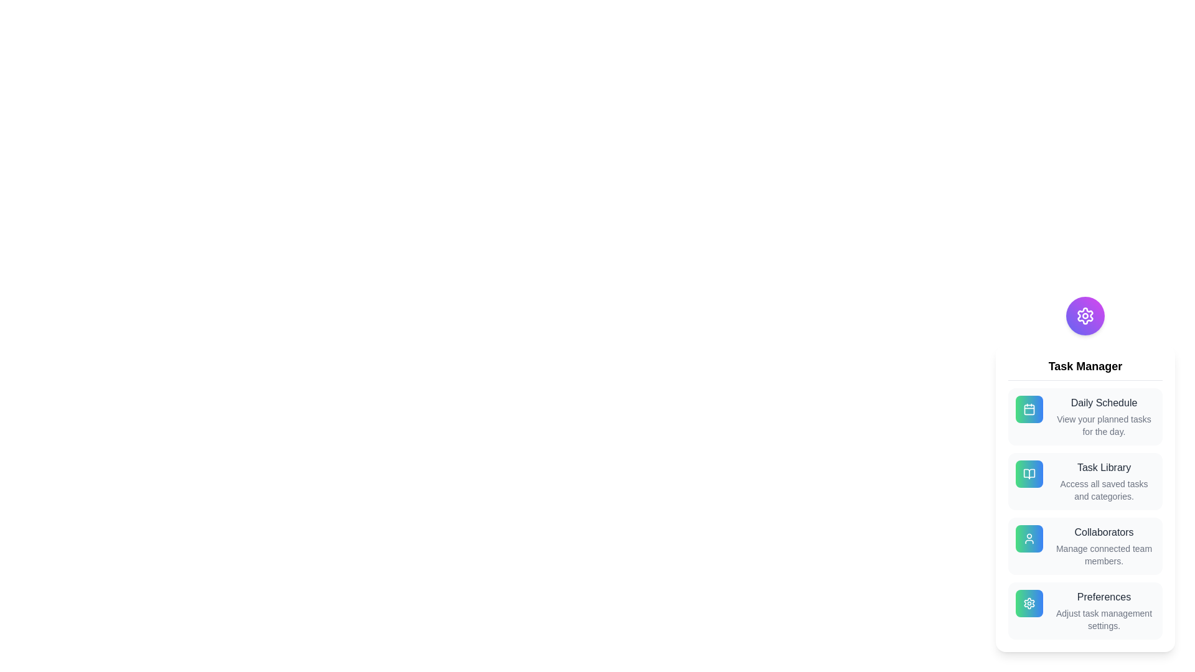 The width and height of the screenshot is (1195, 672). Describe the element at coordinates (1084, 417) in the screenshot. I see `the 'Daily Schedule' option to view planned tasks` at that location.